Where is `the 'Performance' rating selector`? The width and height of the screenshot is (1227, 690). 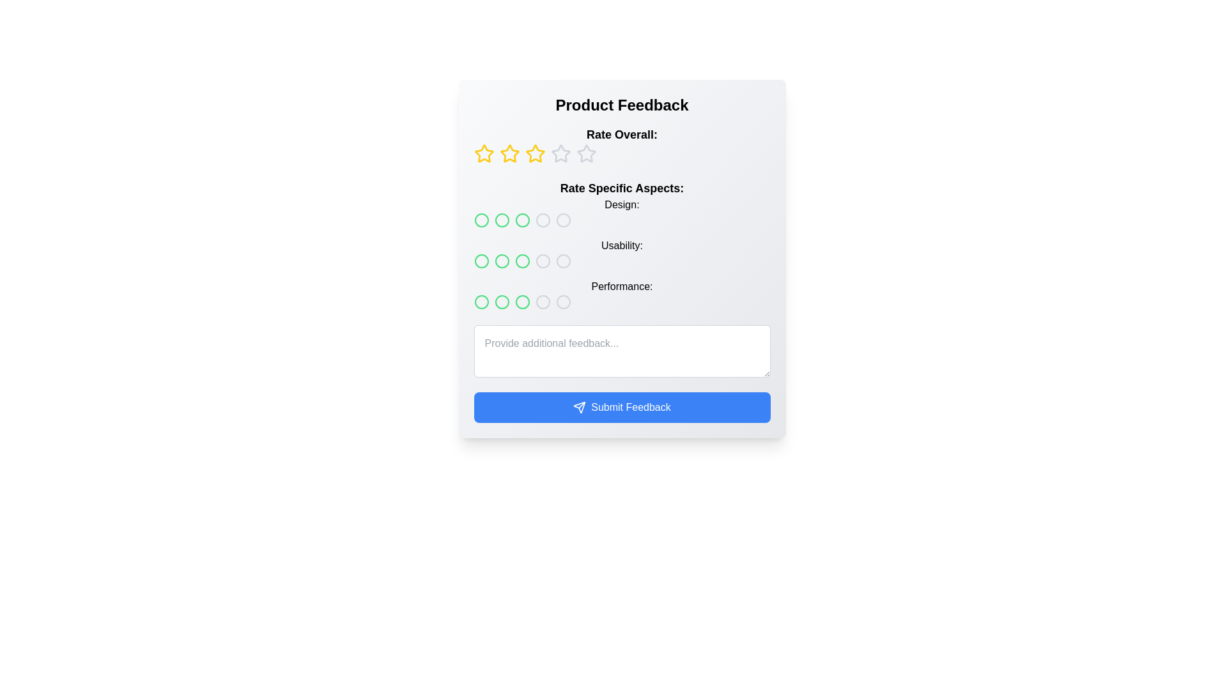
the 'Performance' rating selector is located at coordinates (622, 295).